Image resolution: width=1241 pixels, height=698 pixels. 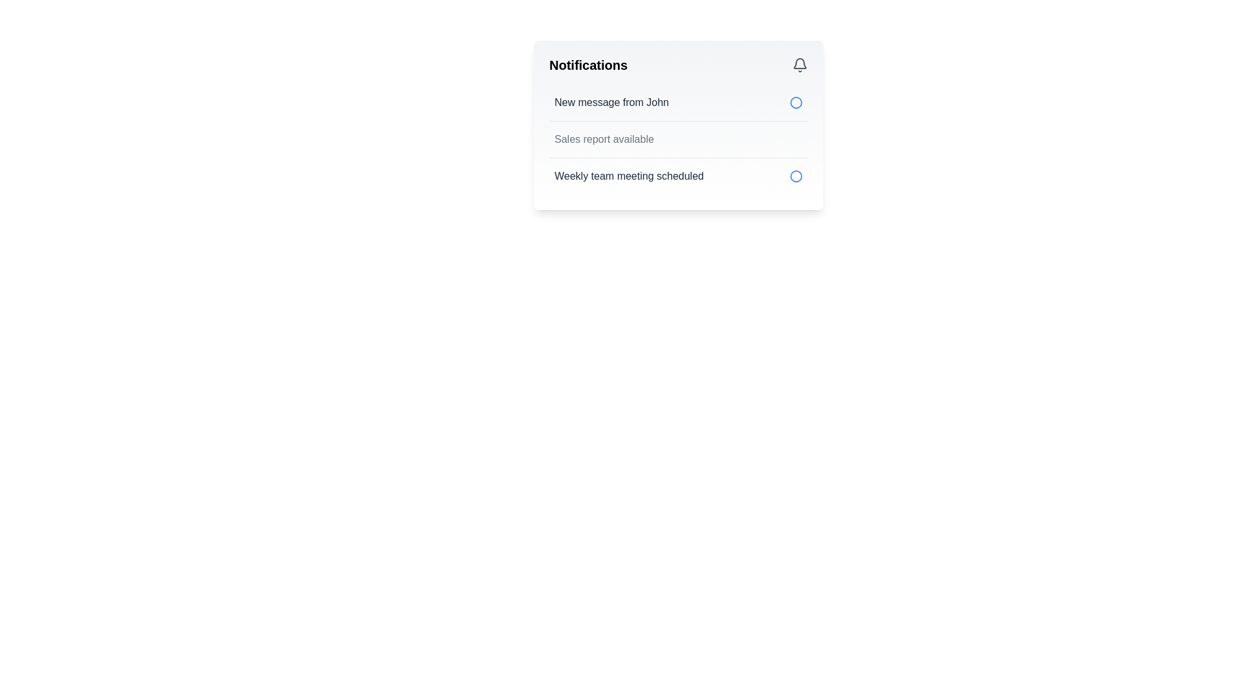 What do you see at coordinates (800, 65) in the screenshot?
I see `the minimalist gray bell icon located on the far-right of the top bar, adjacent to the 'Notifications' label` at bounding box center [800, 65].